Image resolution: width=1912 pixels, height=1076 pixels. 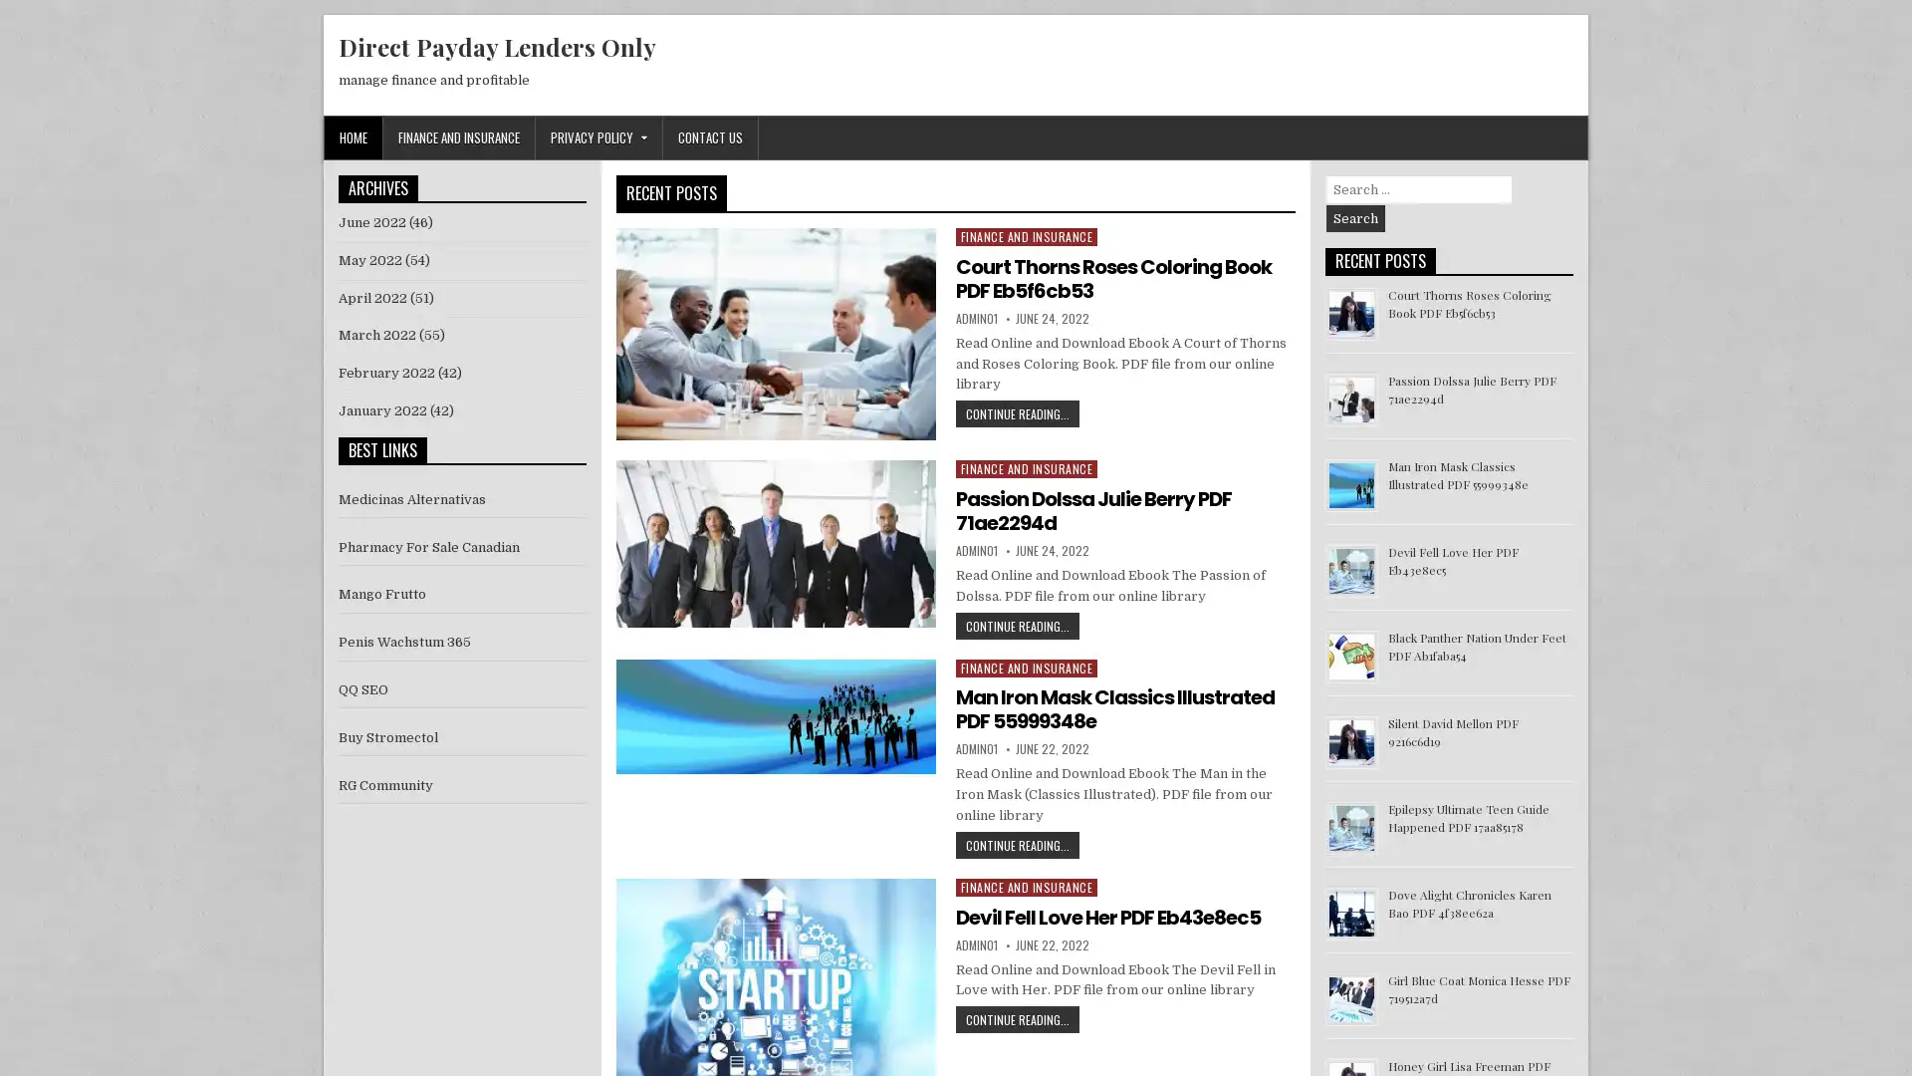 What do you see at coordinates (1354, 218) in the screenshot?
I see `Search` at bounding box center [1354, 218].